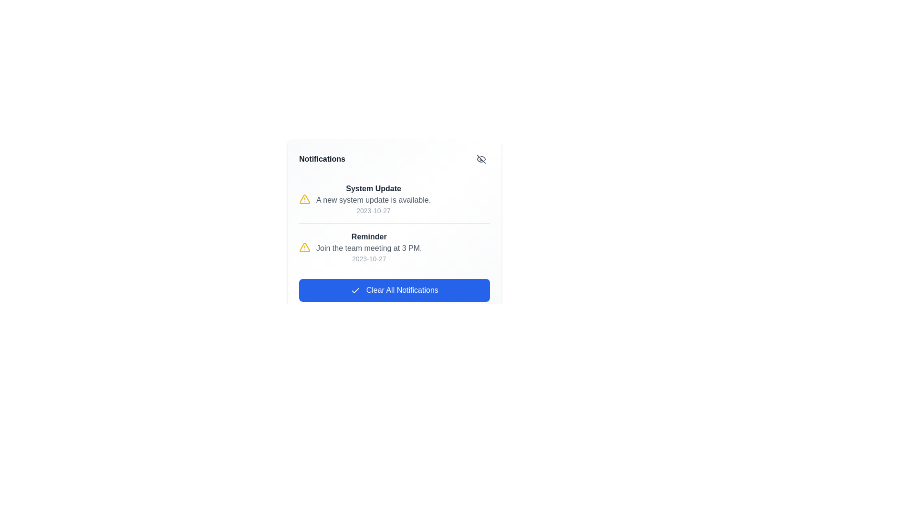  I want to click on the title text element of the notification component, which provides a brief description of the notification's content, positioned above the meeting details and below the system update notification, so click(368, 237).